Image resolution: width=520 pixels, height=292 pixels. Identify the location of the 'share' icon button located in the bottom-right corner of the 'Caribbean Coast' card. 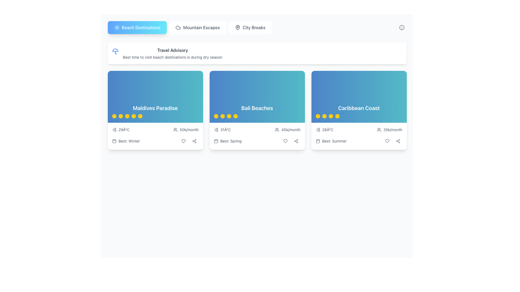
(398, 141).